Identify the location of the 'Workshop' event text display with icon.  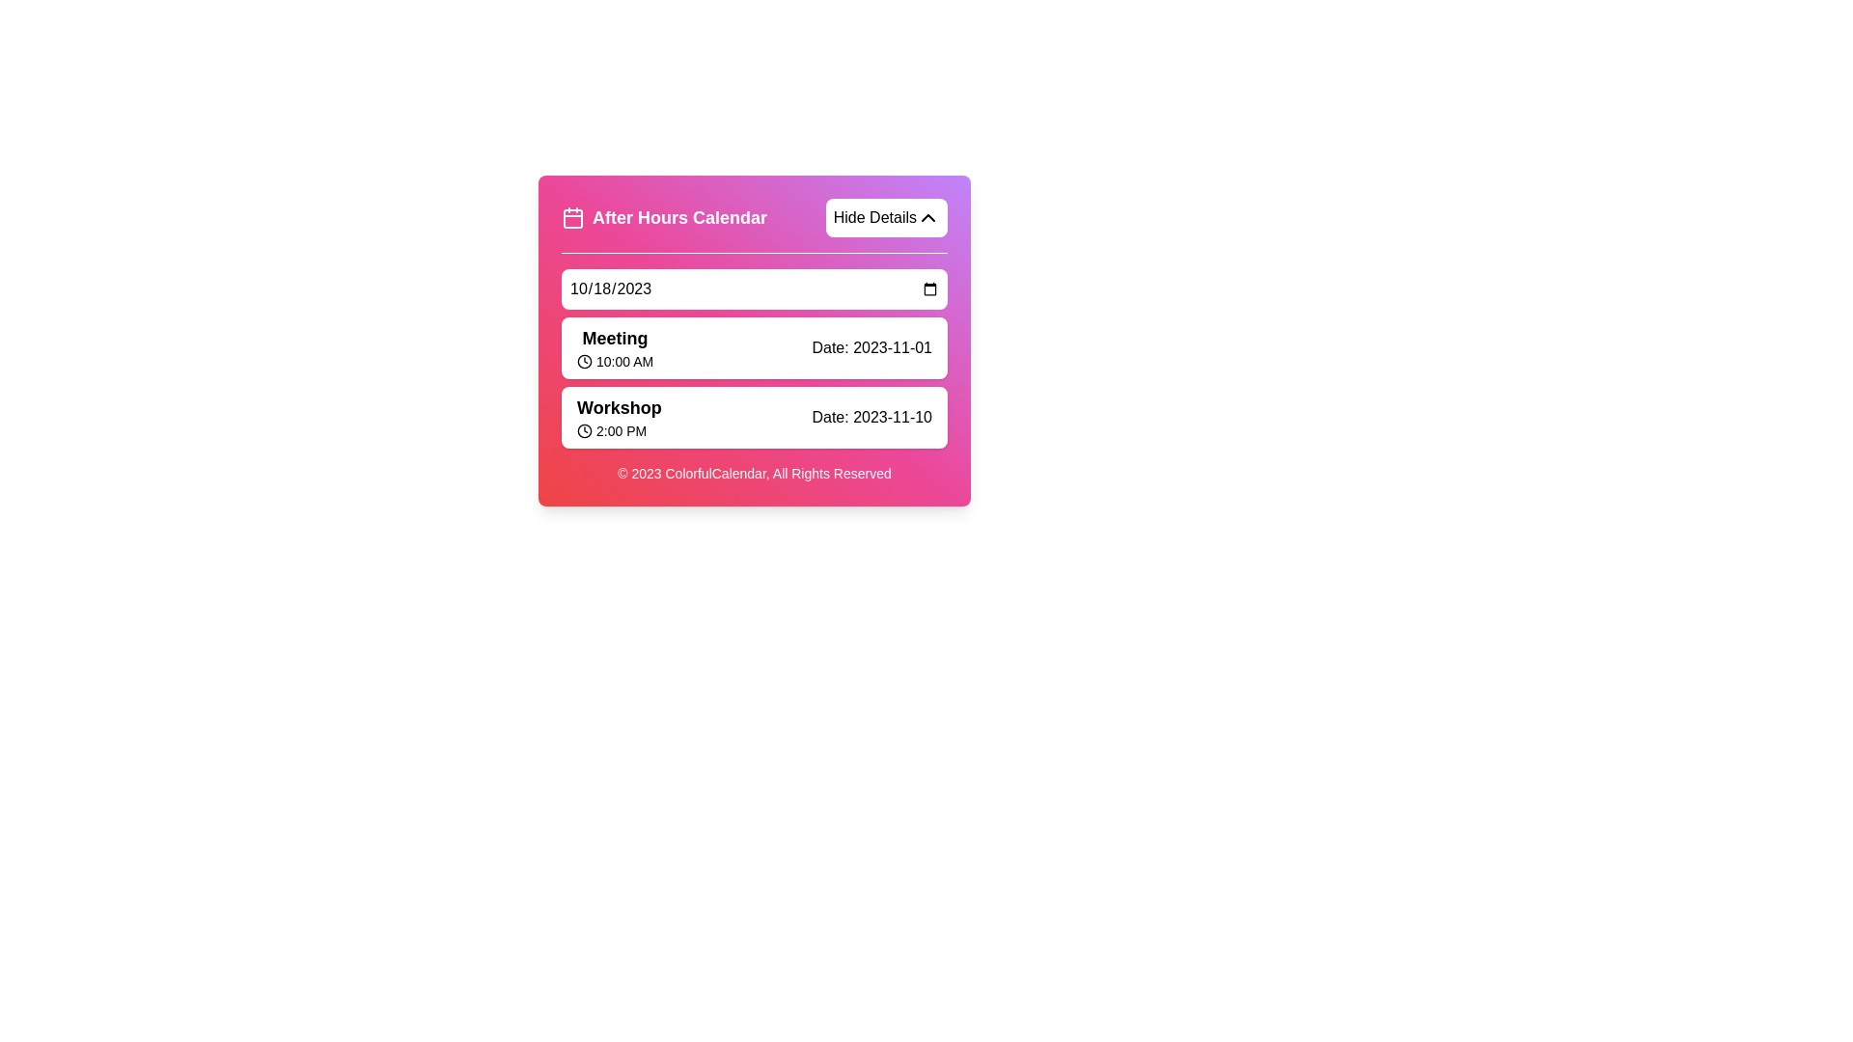
(619, 416).